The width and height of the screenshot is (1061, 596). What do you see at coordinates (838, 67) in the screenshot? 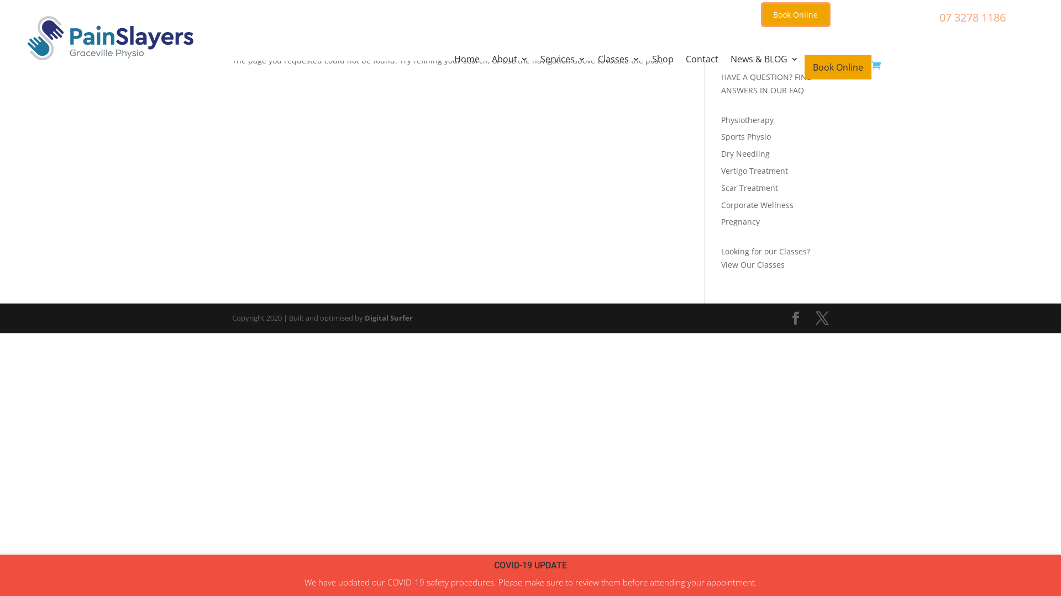
I see `'Book Online'` at bounding box center [838, 67].